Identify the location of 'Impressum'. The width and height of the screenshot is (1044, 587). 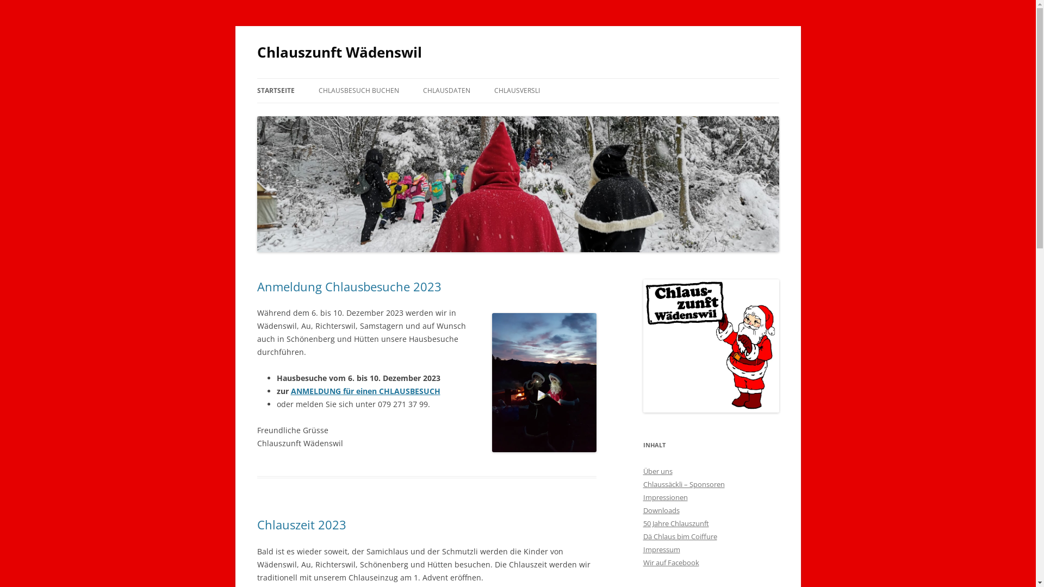
(660, 549).